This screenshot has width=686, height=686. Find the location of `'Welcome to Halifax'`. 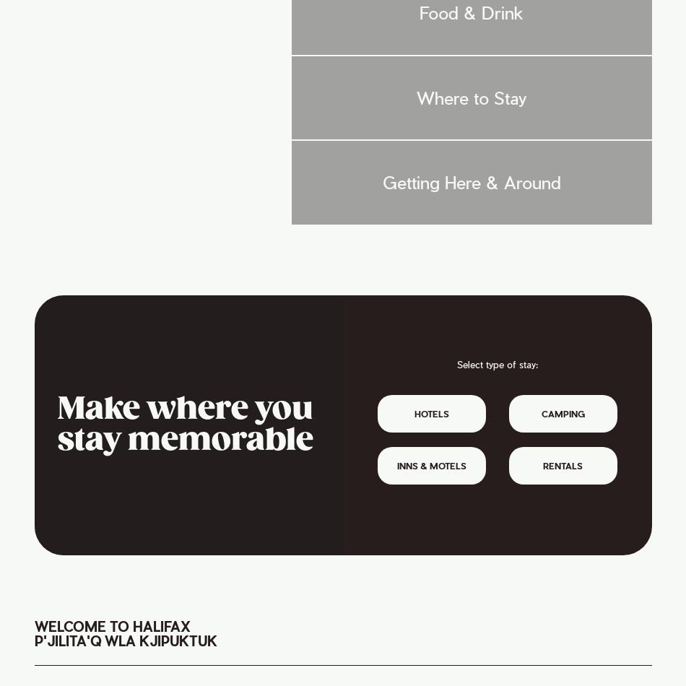

'Welcome to Halifax' is located at coordinates (112, 625).